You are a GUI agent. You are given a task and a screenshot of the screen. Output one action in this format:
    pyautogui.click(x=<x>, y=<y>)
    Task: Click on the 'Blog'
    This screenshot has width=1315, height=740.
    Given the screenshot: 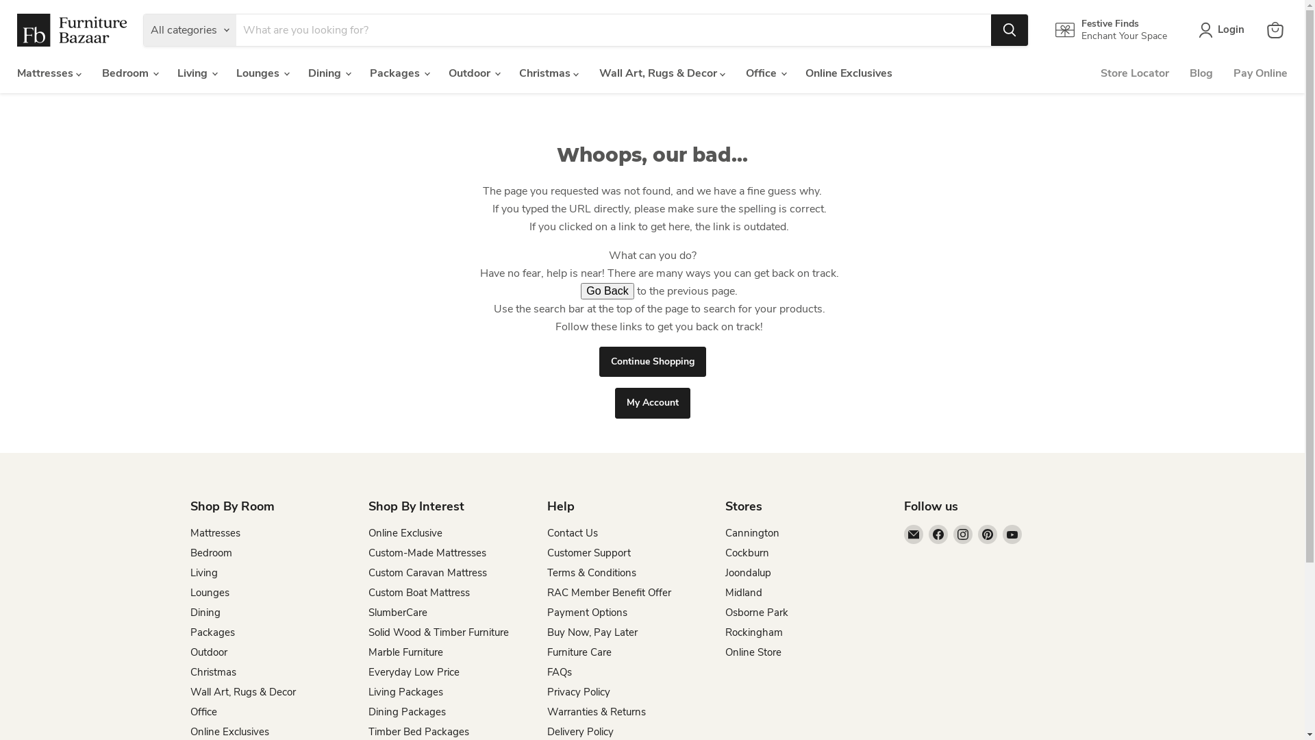 What is the action you would take?
    pyautogui.click(x=1179, y=73)
    